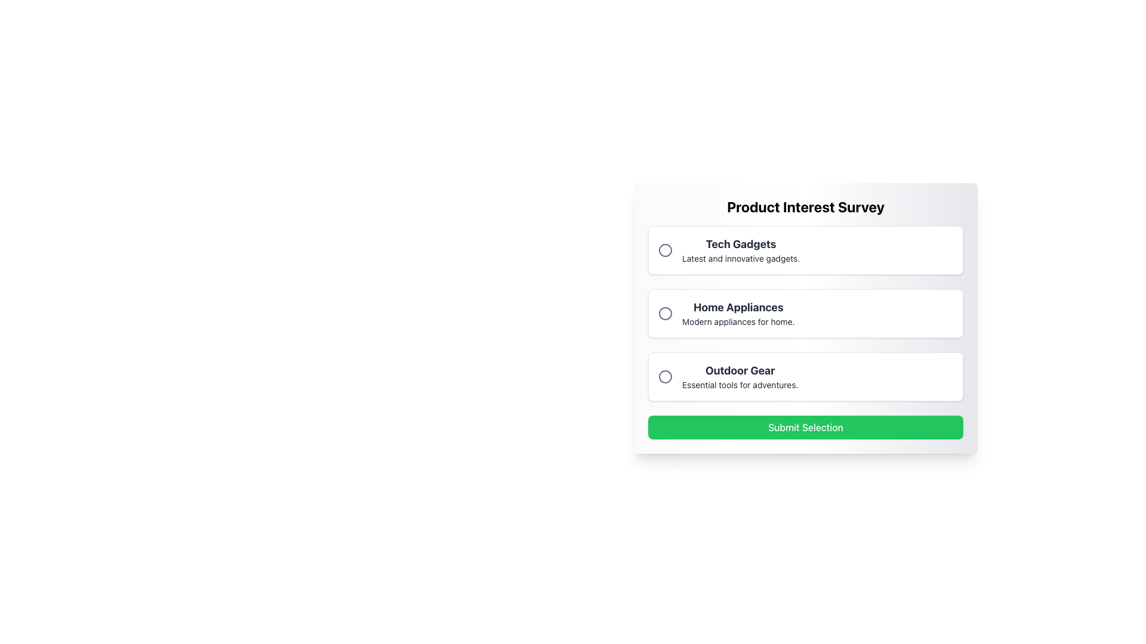 Image resolution: width=1146 pixels, height=644 pixels. I want to click on the 'Home Appliances' card item, which is the second card in a vertical list of three options, so click(805, 312).